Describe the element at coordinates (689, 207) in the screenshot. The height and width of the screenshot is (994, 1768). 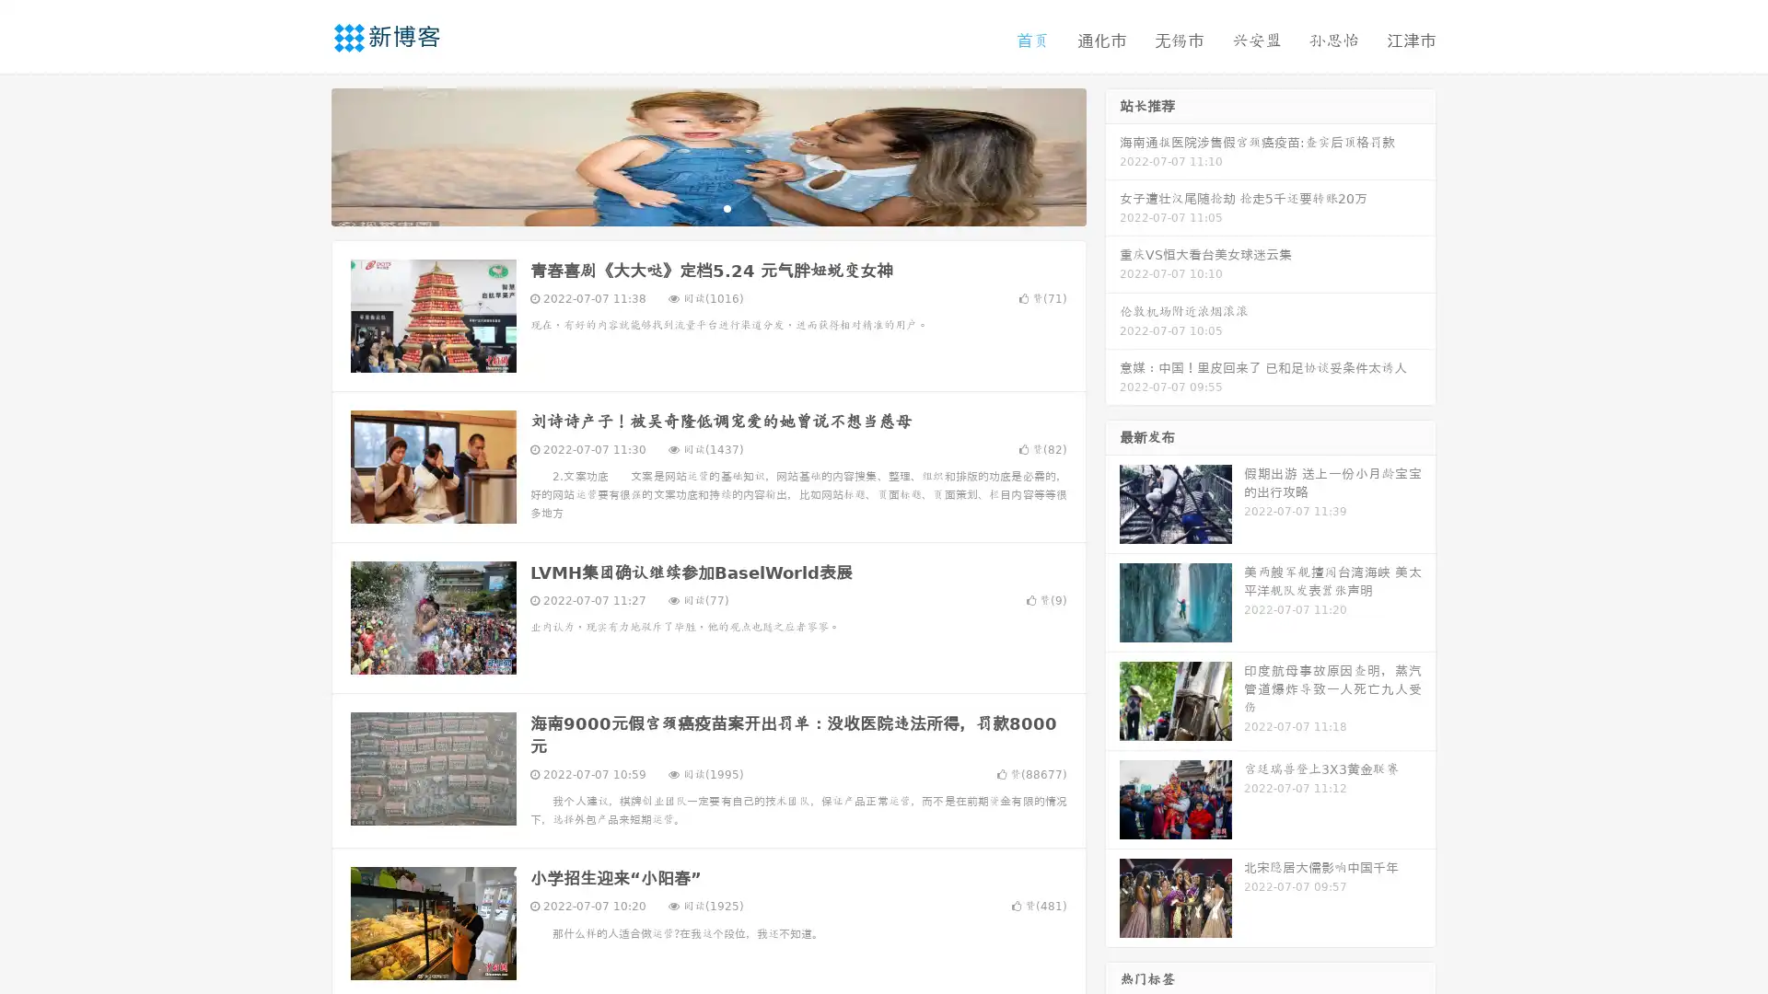
I see `Go to slide 1` at that location.